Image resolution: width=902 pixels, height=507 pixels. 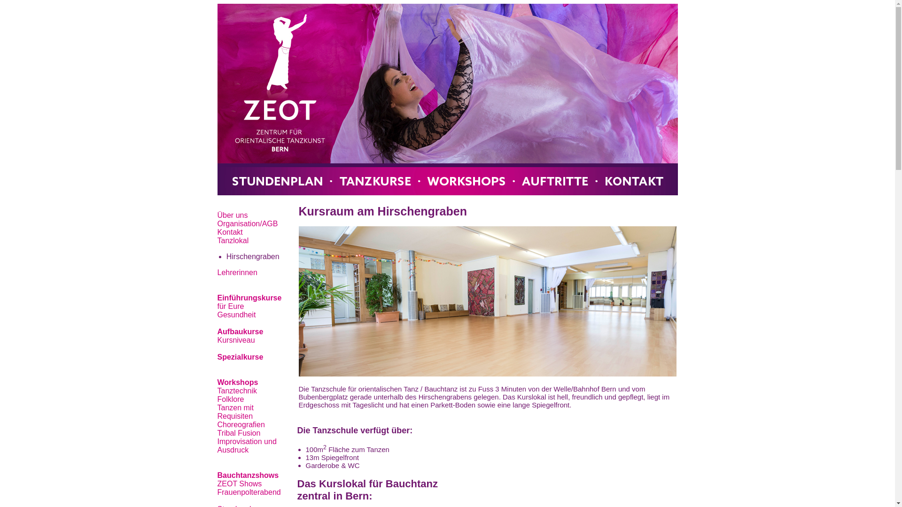 I want to click on 'Choreografien', so click(x=241, y=424).